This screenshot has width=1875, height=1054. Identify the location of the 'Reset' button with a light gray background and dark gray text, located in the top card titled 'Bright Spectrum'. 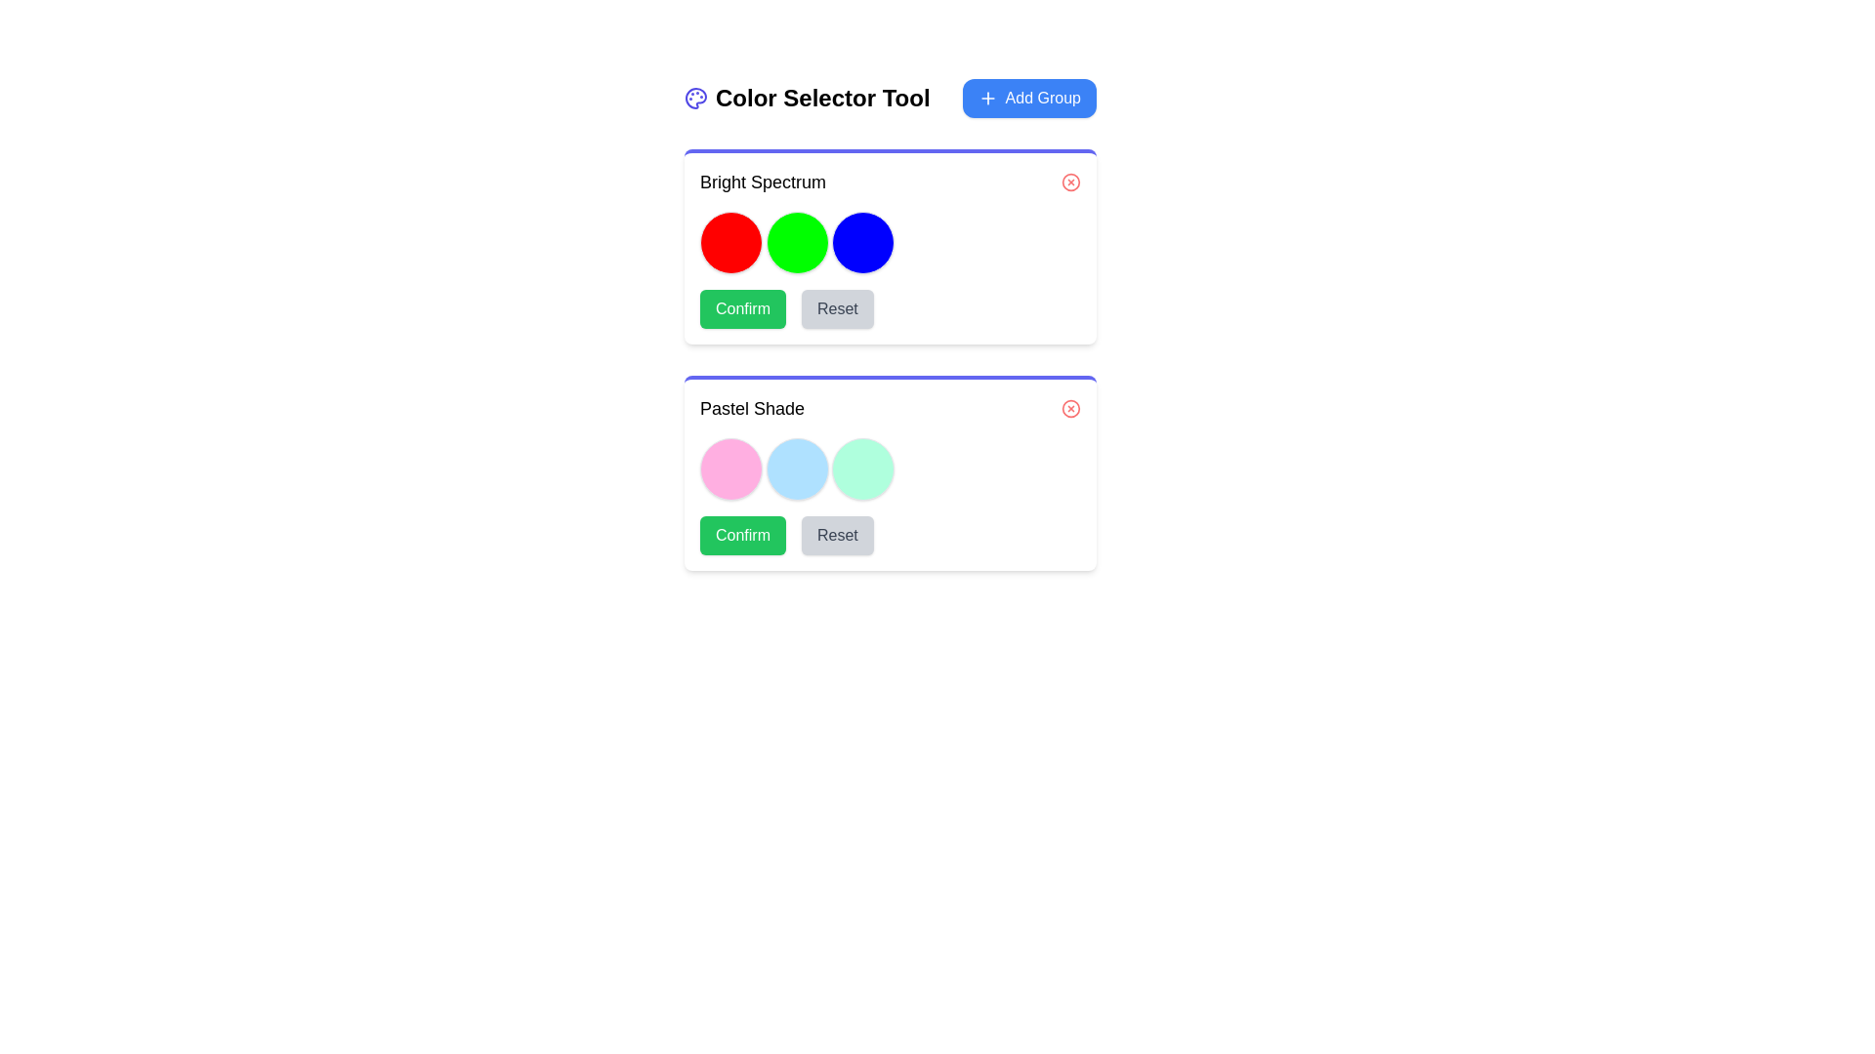
(837, 307).